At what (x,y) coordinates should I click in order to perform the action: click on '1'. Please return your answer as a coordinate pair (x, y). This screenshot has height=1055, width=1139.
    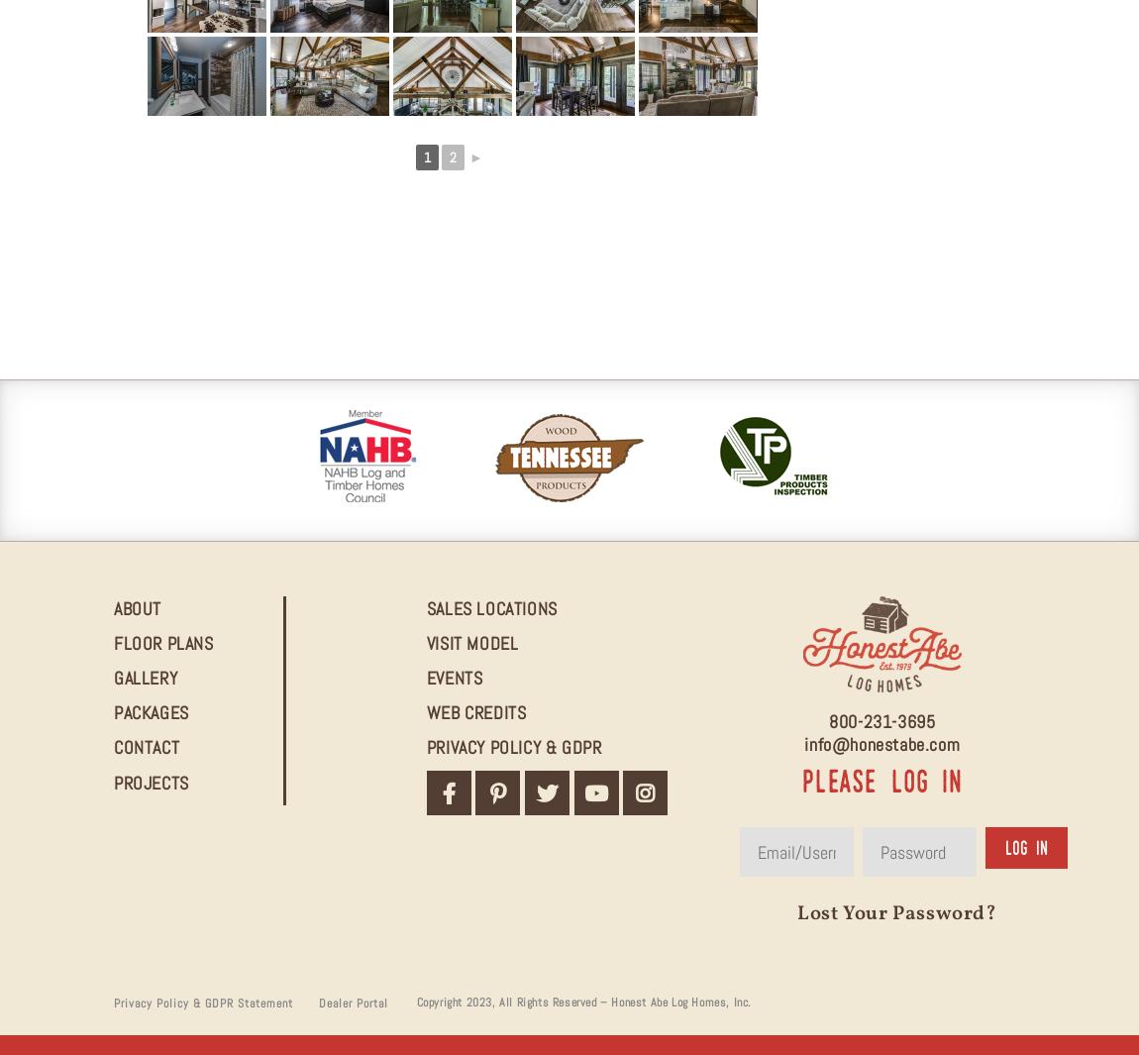
    Looking at the image, I should click on (427, 156).